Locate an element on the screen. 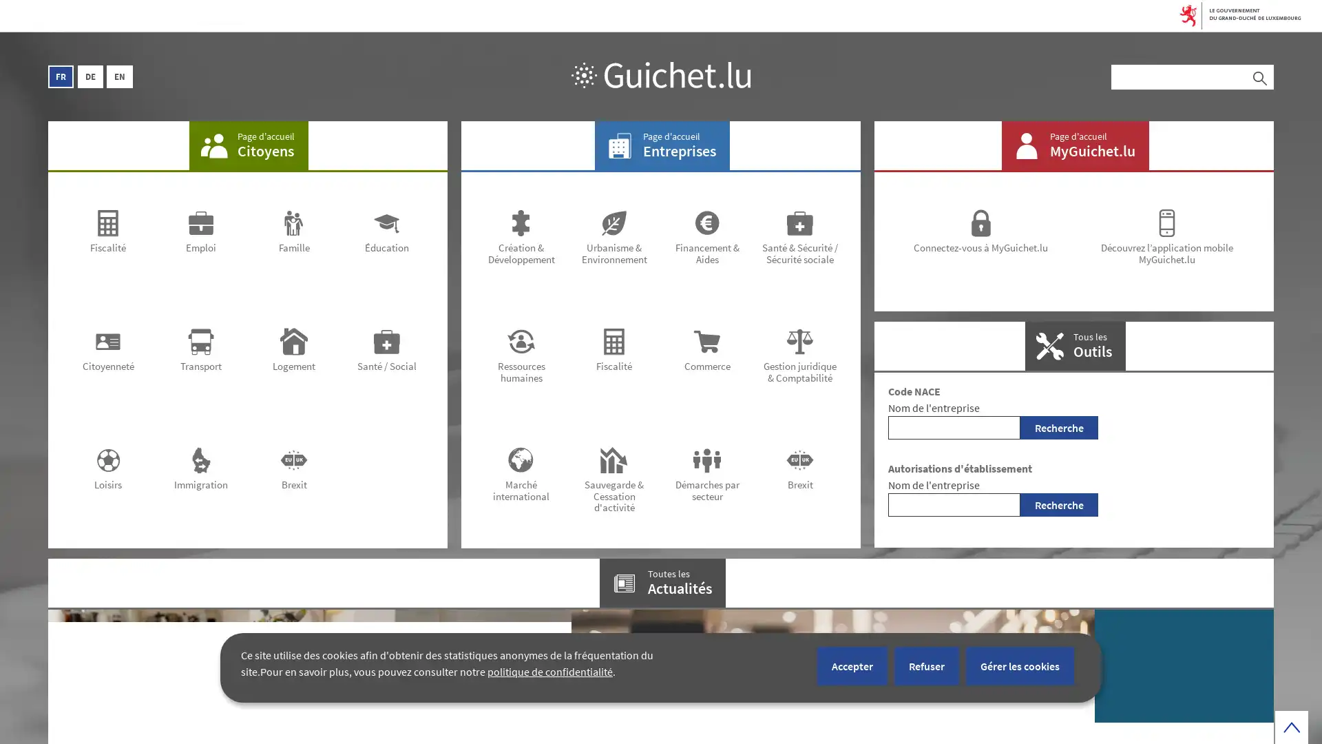 The image size is (1322, 744). Refuser is located at coordinates (926, 665).